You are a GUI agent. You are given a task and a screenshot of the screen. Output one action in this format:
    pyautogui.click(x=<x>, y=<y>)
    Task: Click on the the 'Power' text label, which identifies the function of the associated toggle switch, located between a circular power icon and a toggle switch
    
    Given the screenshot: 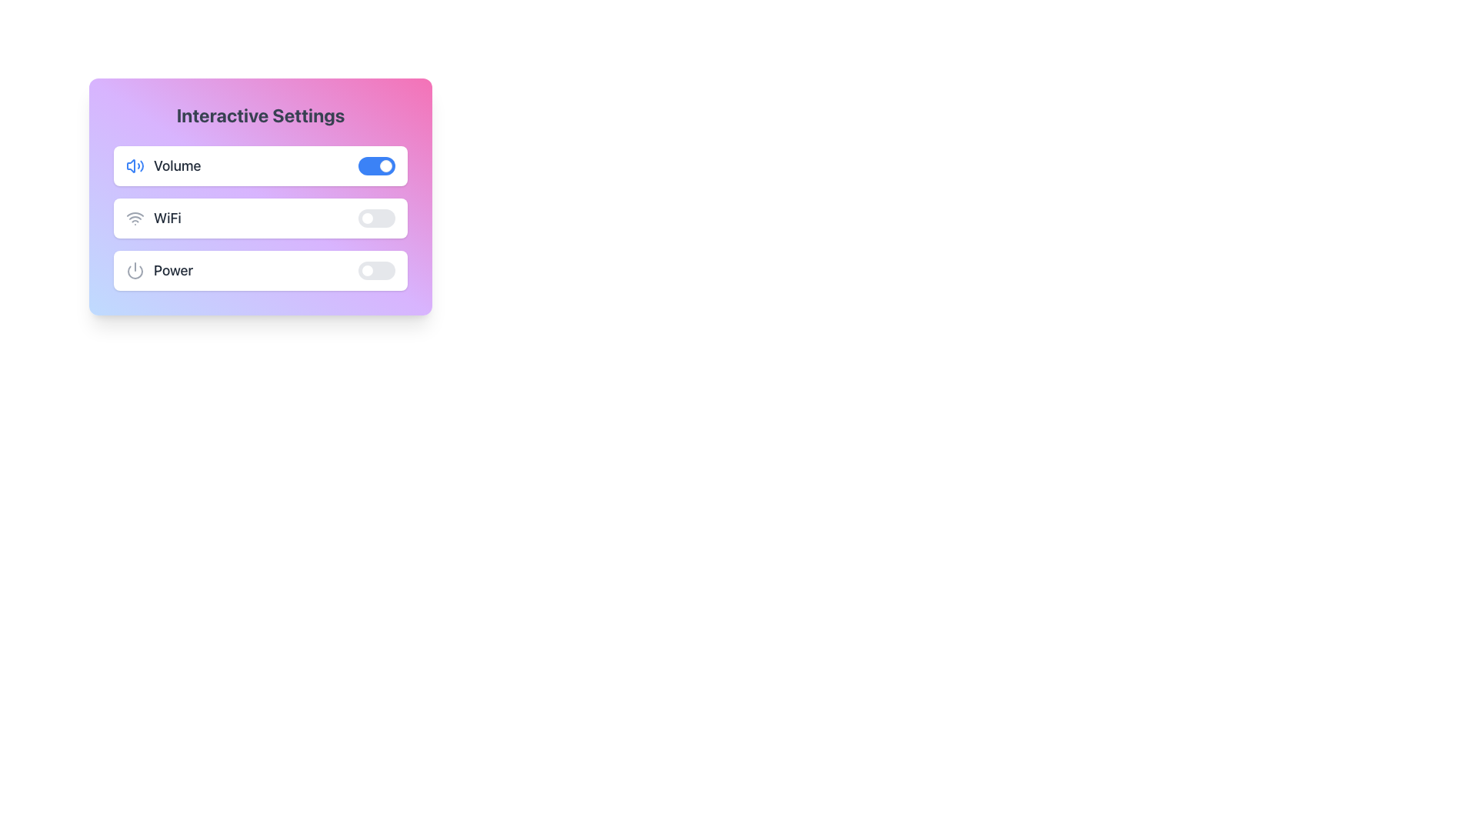 What is the action you would take?
    pyautogui.click(x=173, y=269)
    